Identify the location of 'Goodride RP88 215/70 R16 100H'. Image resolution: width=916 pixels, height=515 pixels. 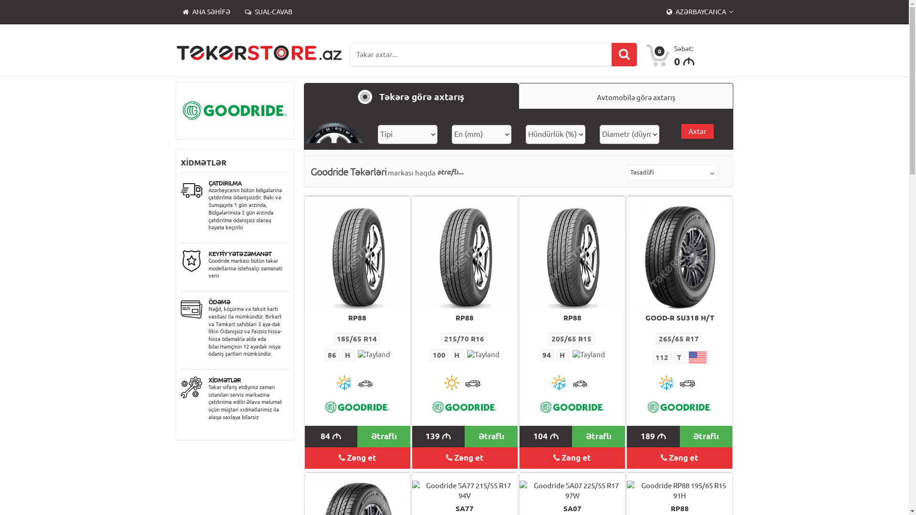
(465, 256).